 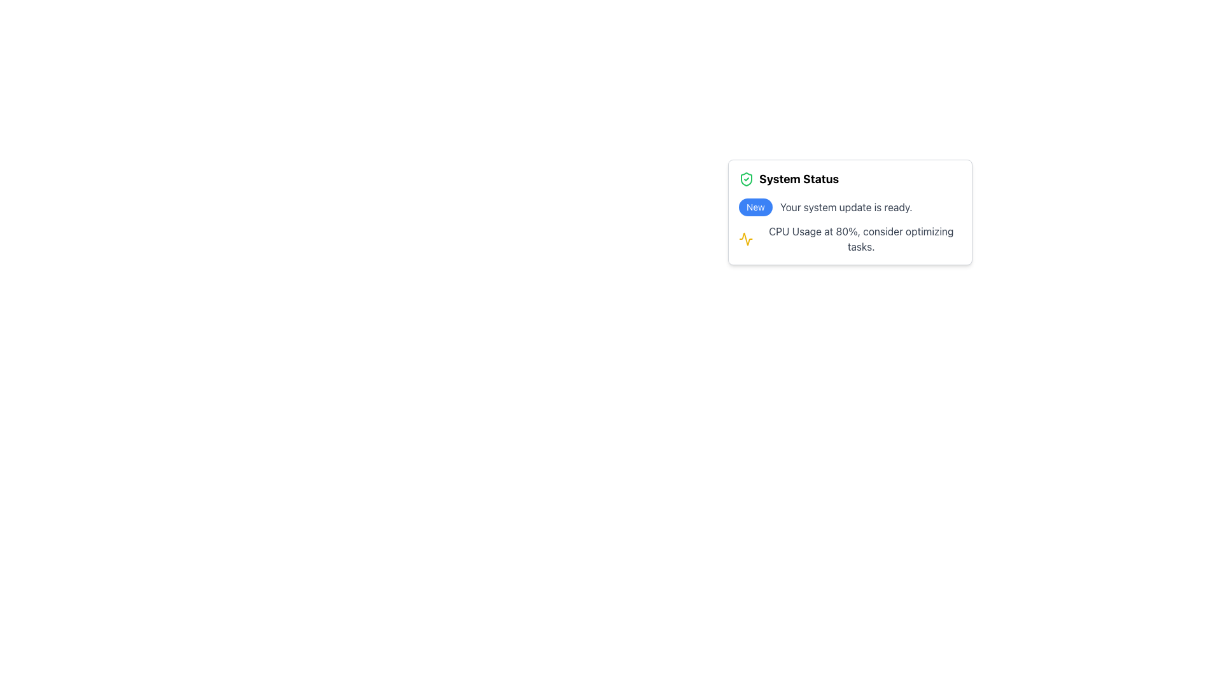 What do you see at coordinates (746, 239) in the screenshot?
I see `the yellow graph icon located within the 'System Status' notification area` at bounding box center [746, 239].